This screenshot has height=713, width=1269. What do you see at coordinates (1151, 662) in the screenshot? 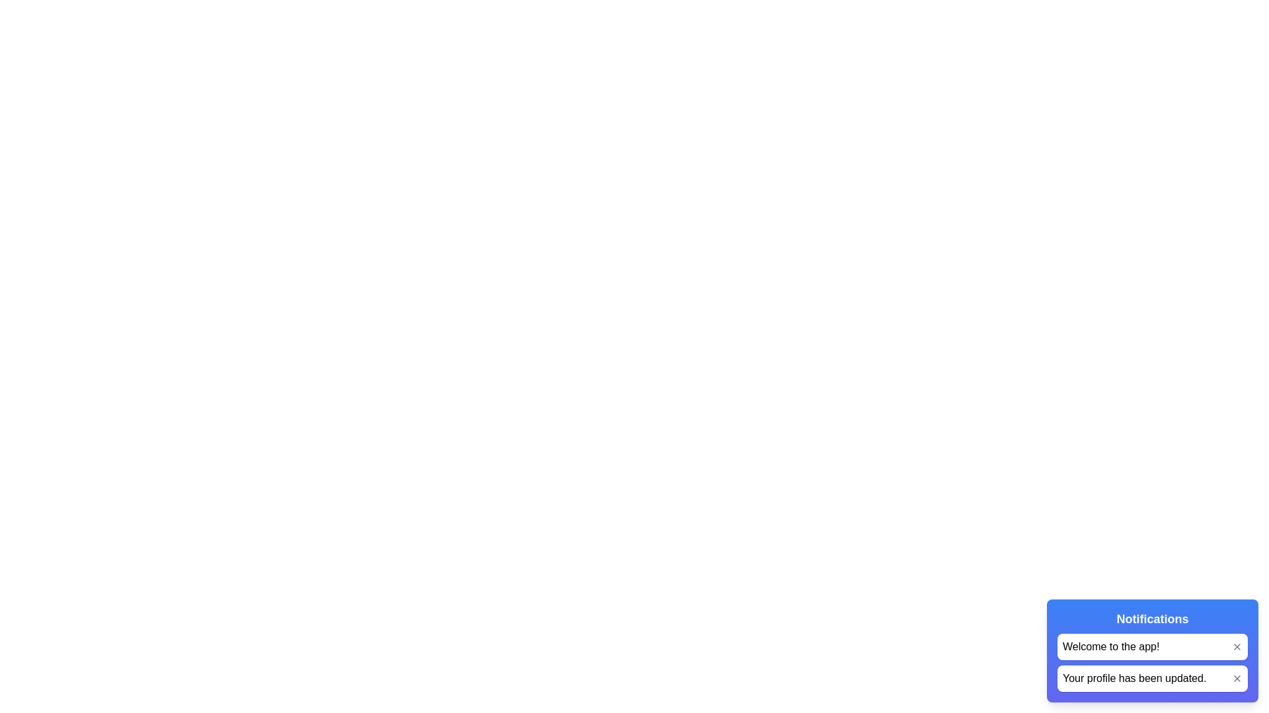
I see `the second message inside the notification panel which reads 'Your profile has been updated.'` at bounding box center [1151, 662].